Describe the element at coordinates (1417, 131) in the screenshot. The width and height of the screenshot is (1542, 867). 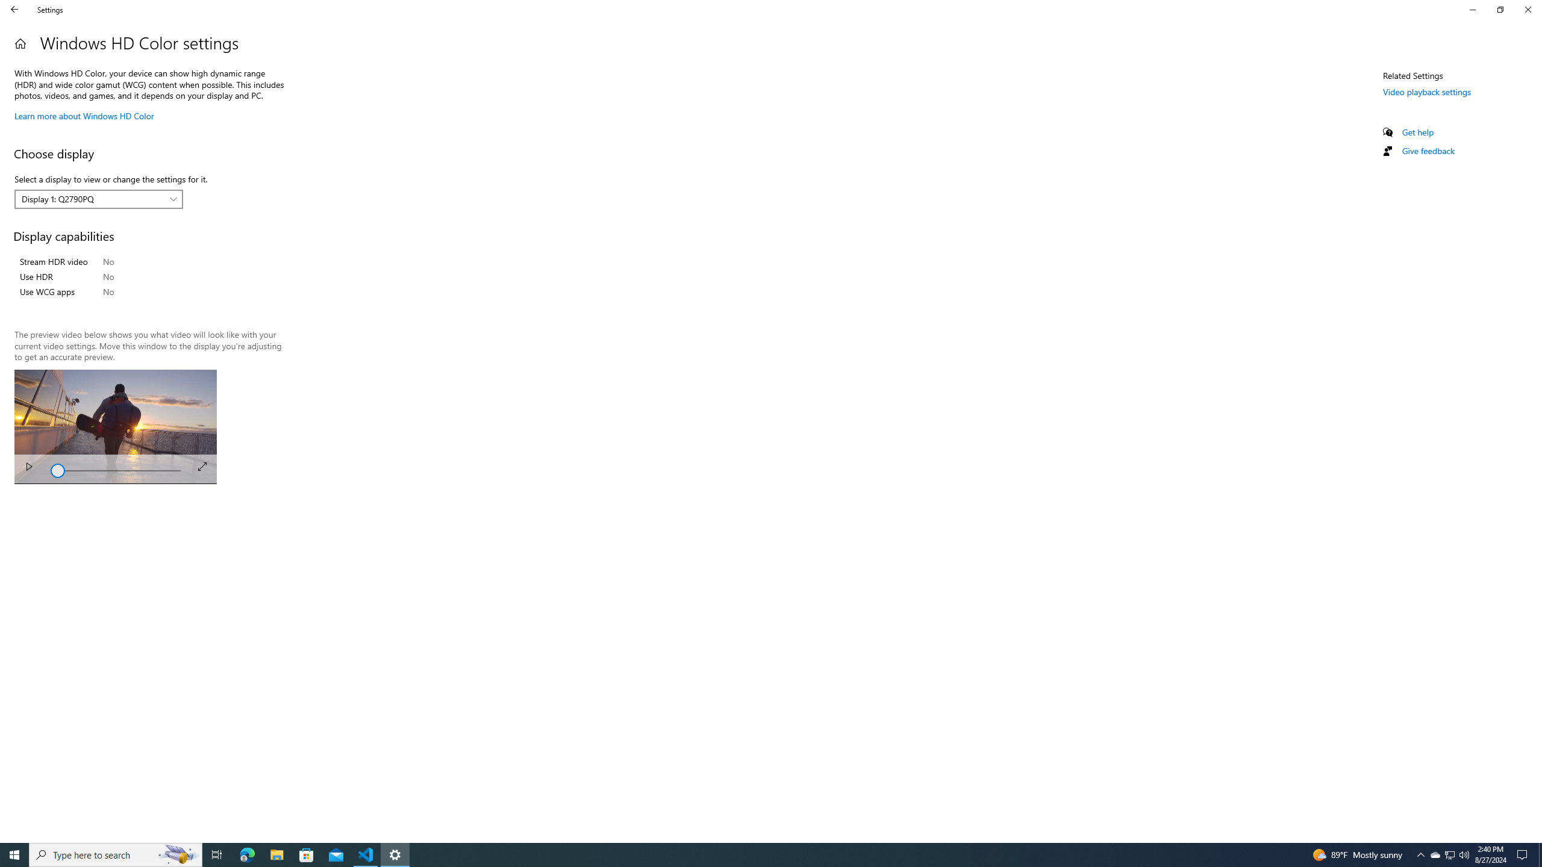
I see `'Get help'` at that location.